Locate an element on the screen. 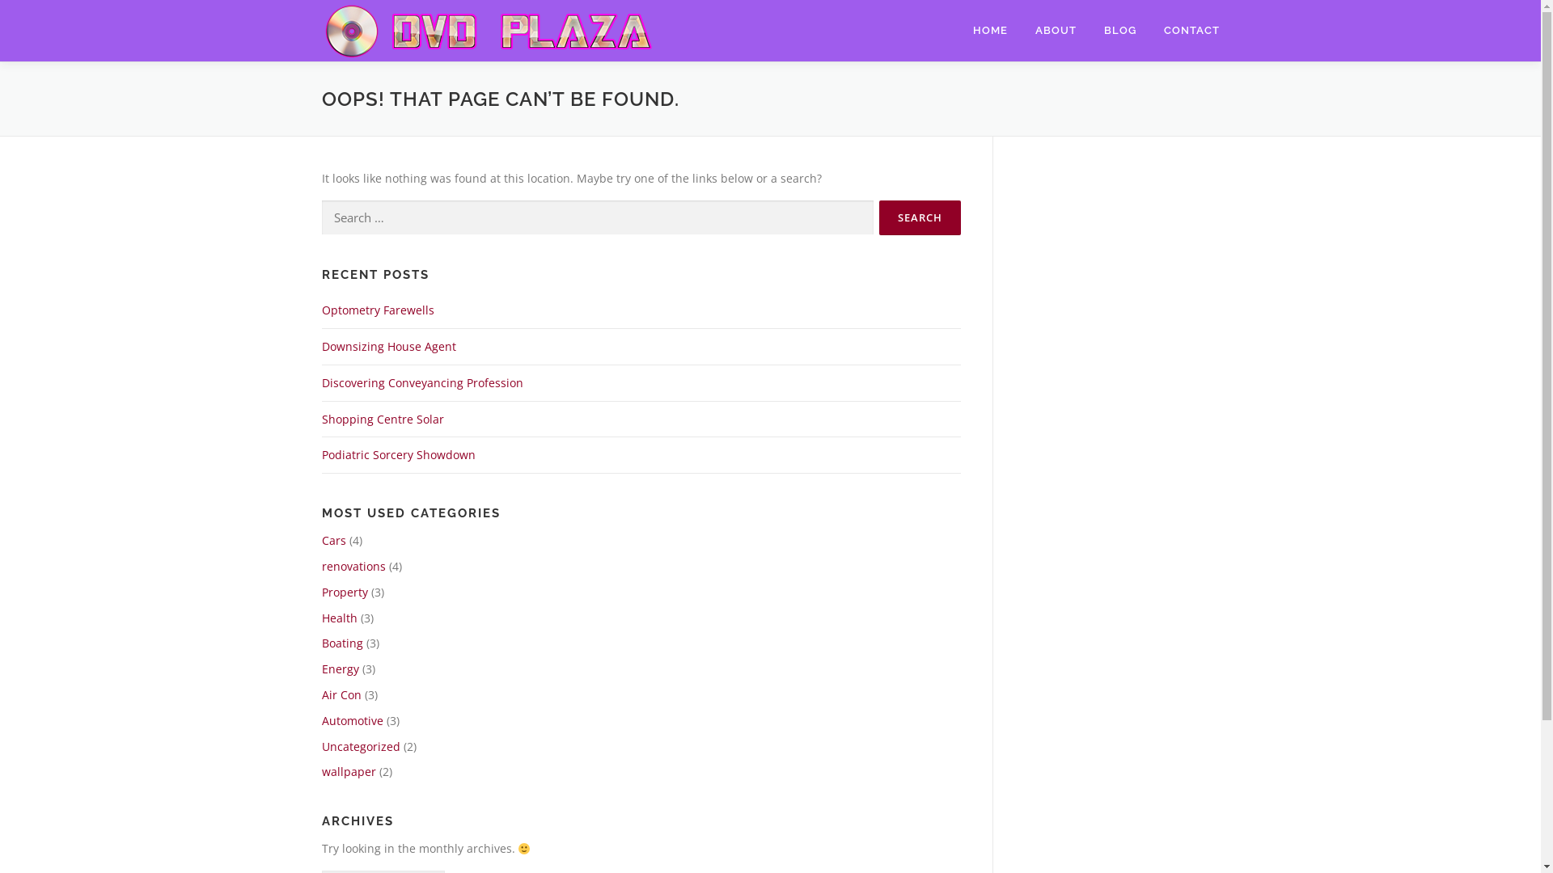 The image size is (1553, 873). 'Search' is located at coordinates (919, 217).